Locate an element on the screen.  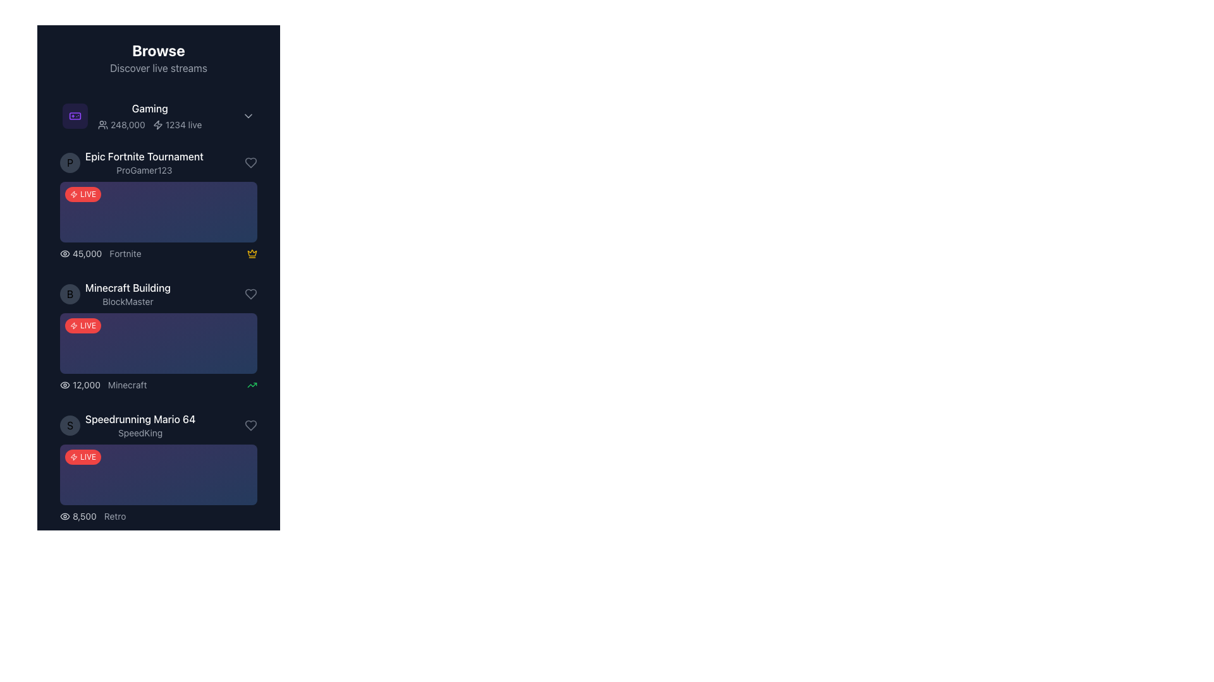
the activity icon associated with the '1234 live' status located under the 'Gaming' header is located at coordinates (157, 124).